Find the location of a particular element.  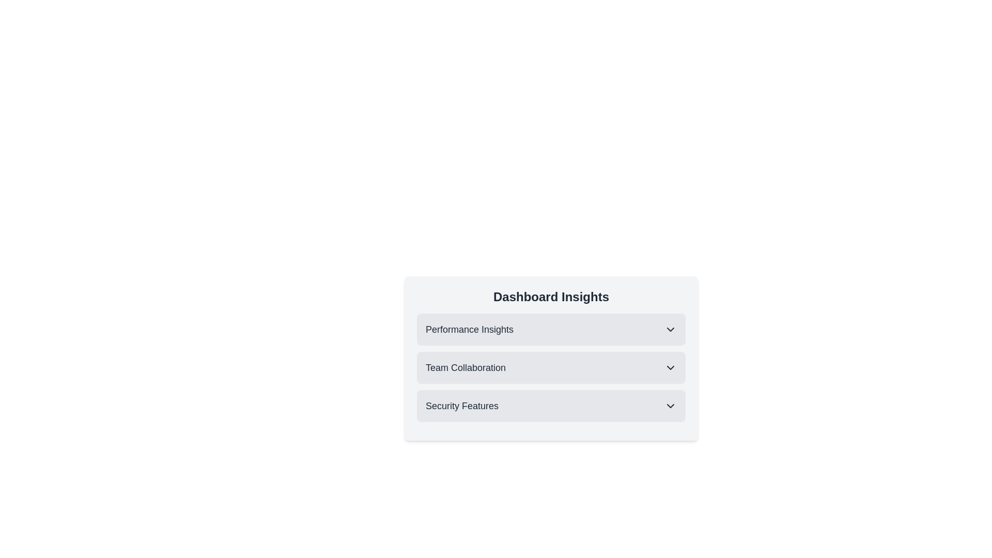

the SVG Icon indicating the 'Security Features' section via keyboard navigation is located at coordinates (670, 406).